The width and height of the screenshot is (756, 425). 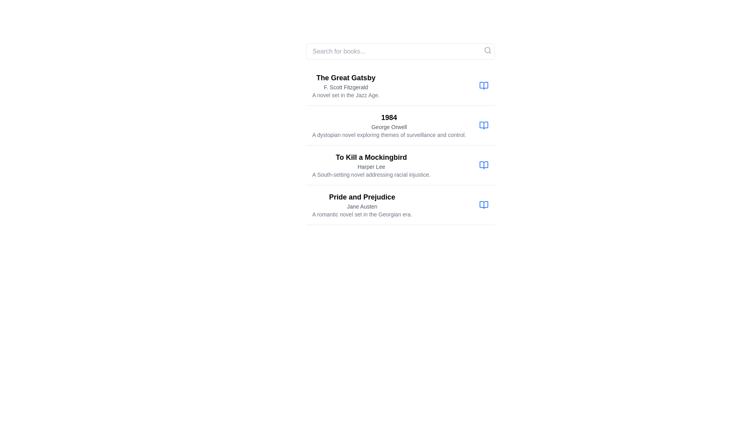 I want to click on the icon located to the far right of the entry for 'Pride and Prejudice' by Jane Austen, so click(x=483, y=204).